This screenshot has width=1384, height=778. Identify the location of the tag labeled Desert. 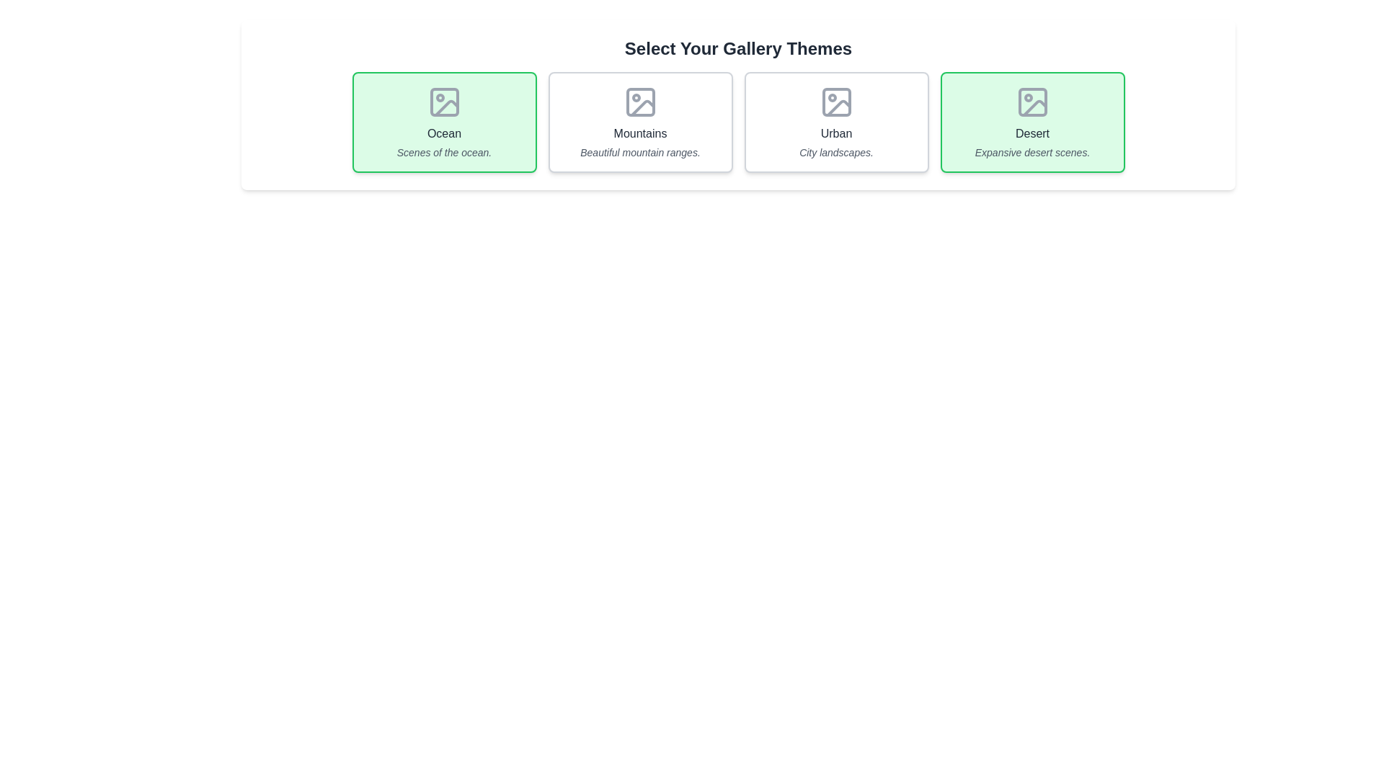
(1032, 121).